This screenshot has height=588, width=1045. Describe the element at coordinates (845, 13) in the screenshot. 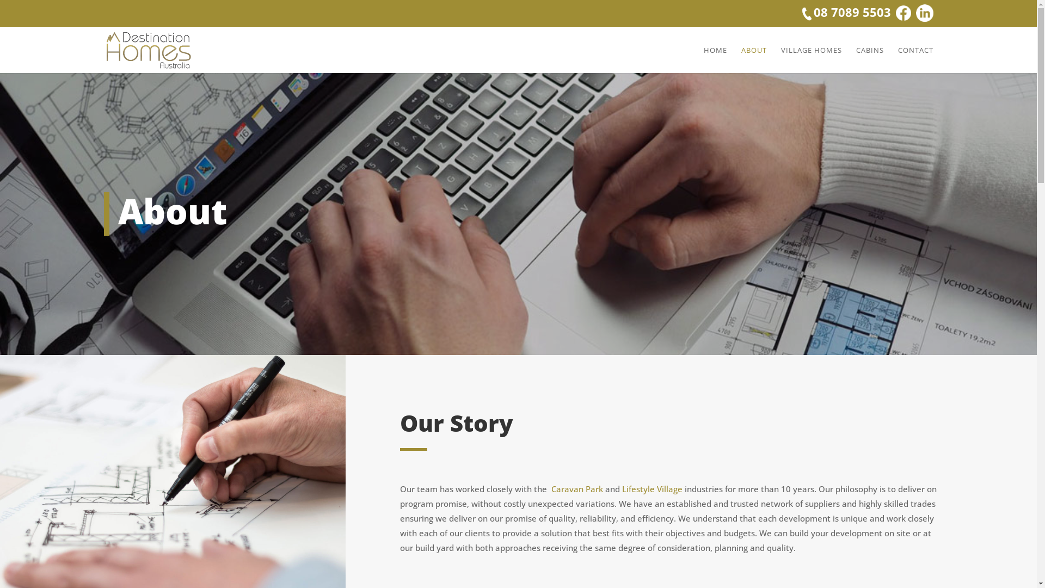

I see `'08 7089 5503'` at that location.